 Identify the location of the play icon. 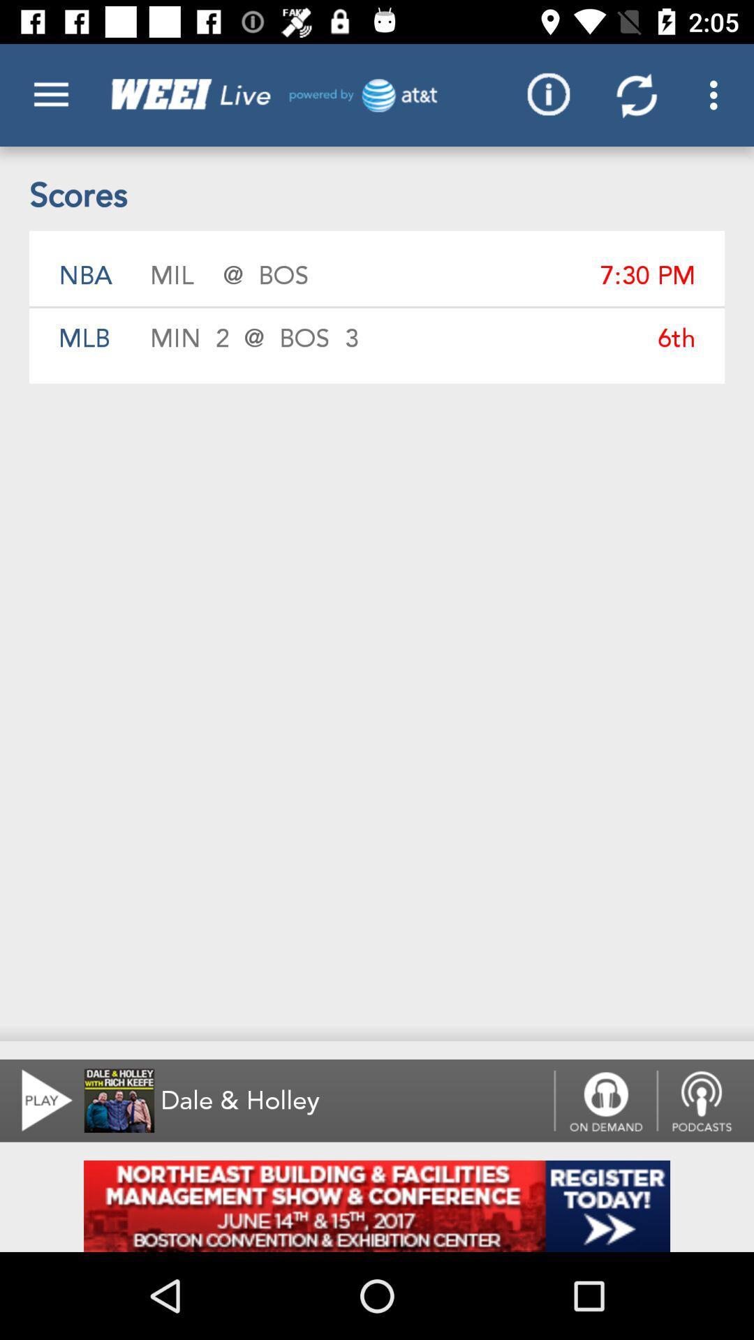
(38, 1100).